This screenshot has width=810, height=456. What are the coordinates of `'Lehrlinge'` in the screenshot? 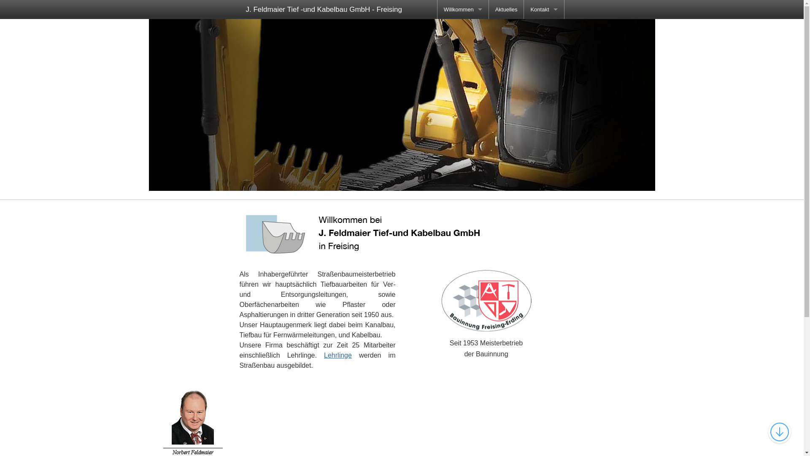 It's located at (324, 355).